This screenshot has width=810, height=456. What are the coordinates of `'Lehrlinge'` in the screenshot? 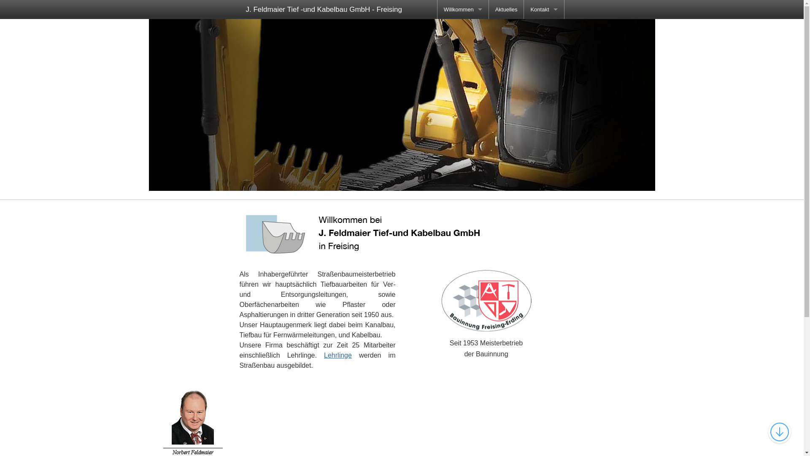 It's located at (324, 355).